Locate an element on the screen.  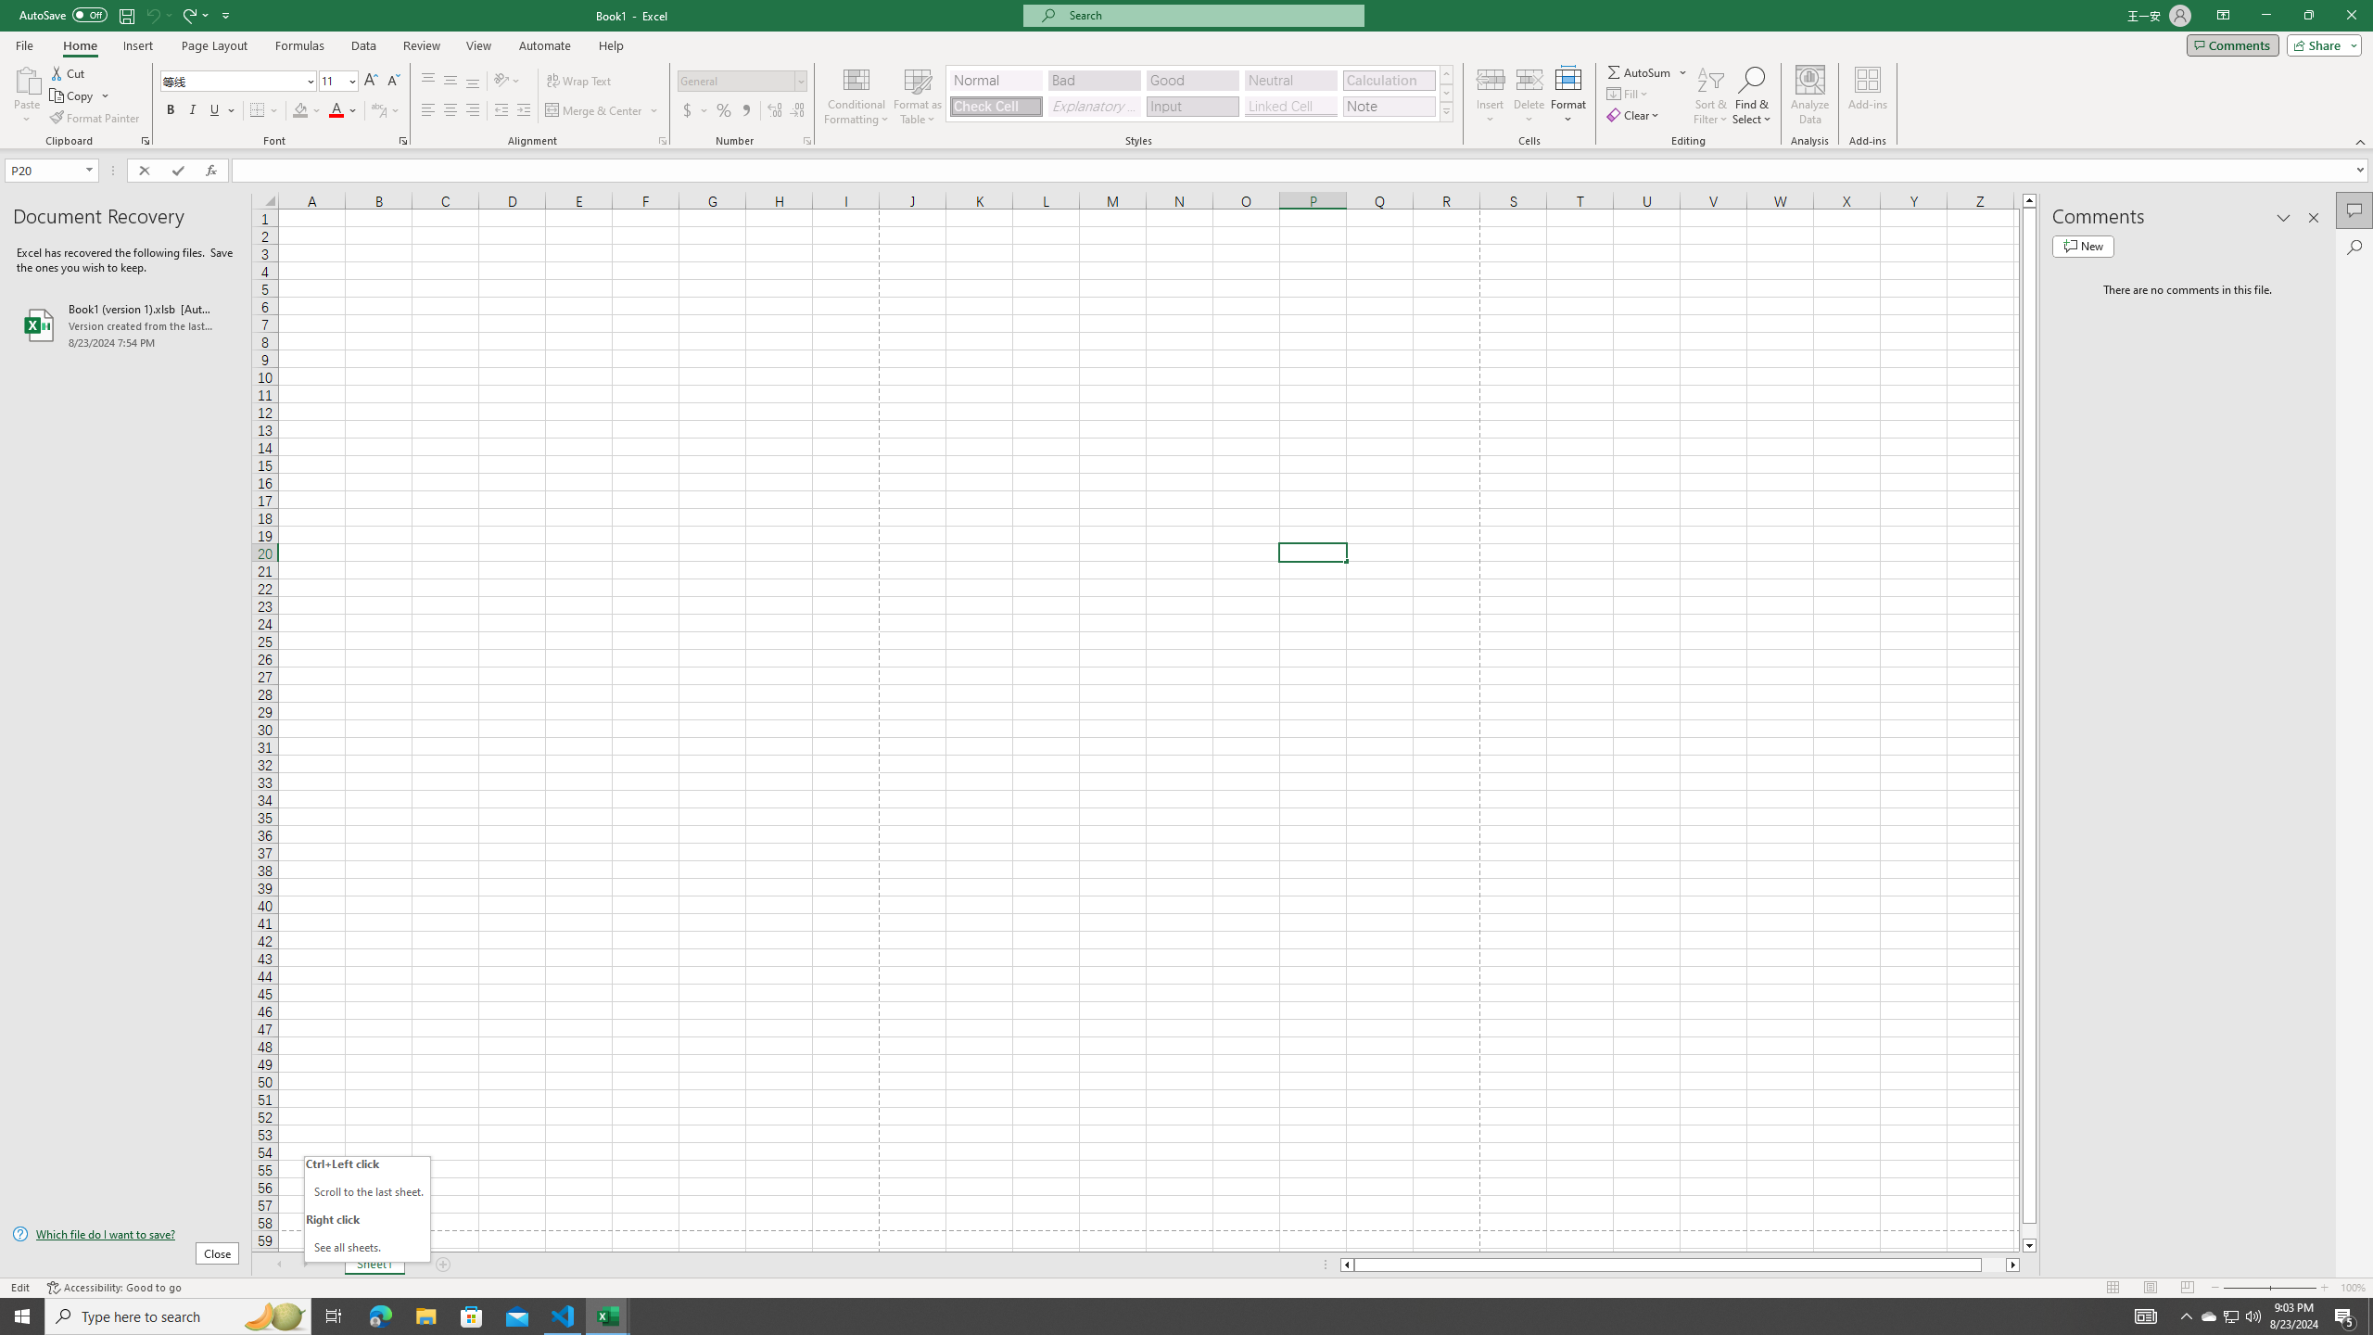
'Underline' is located at coordinates (222, 109).